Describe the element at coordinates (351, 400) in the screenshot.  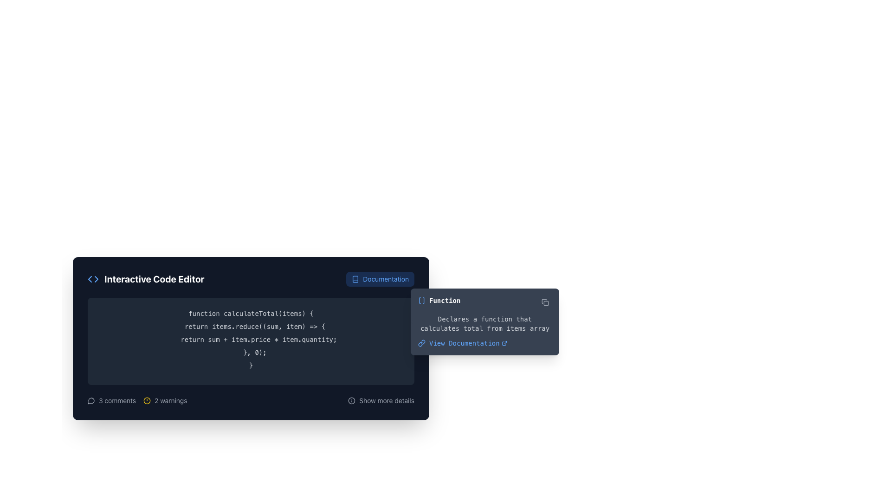
I see `the informational circular icon with an 'i' symbol, located at the left edge of the 'Show more details' link in the bottom-right section of the interface` at that location.